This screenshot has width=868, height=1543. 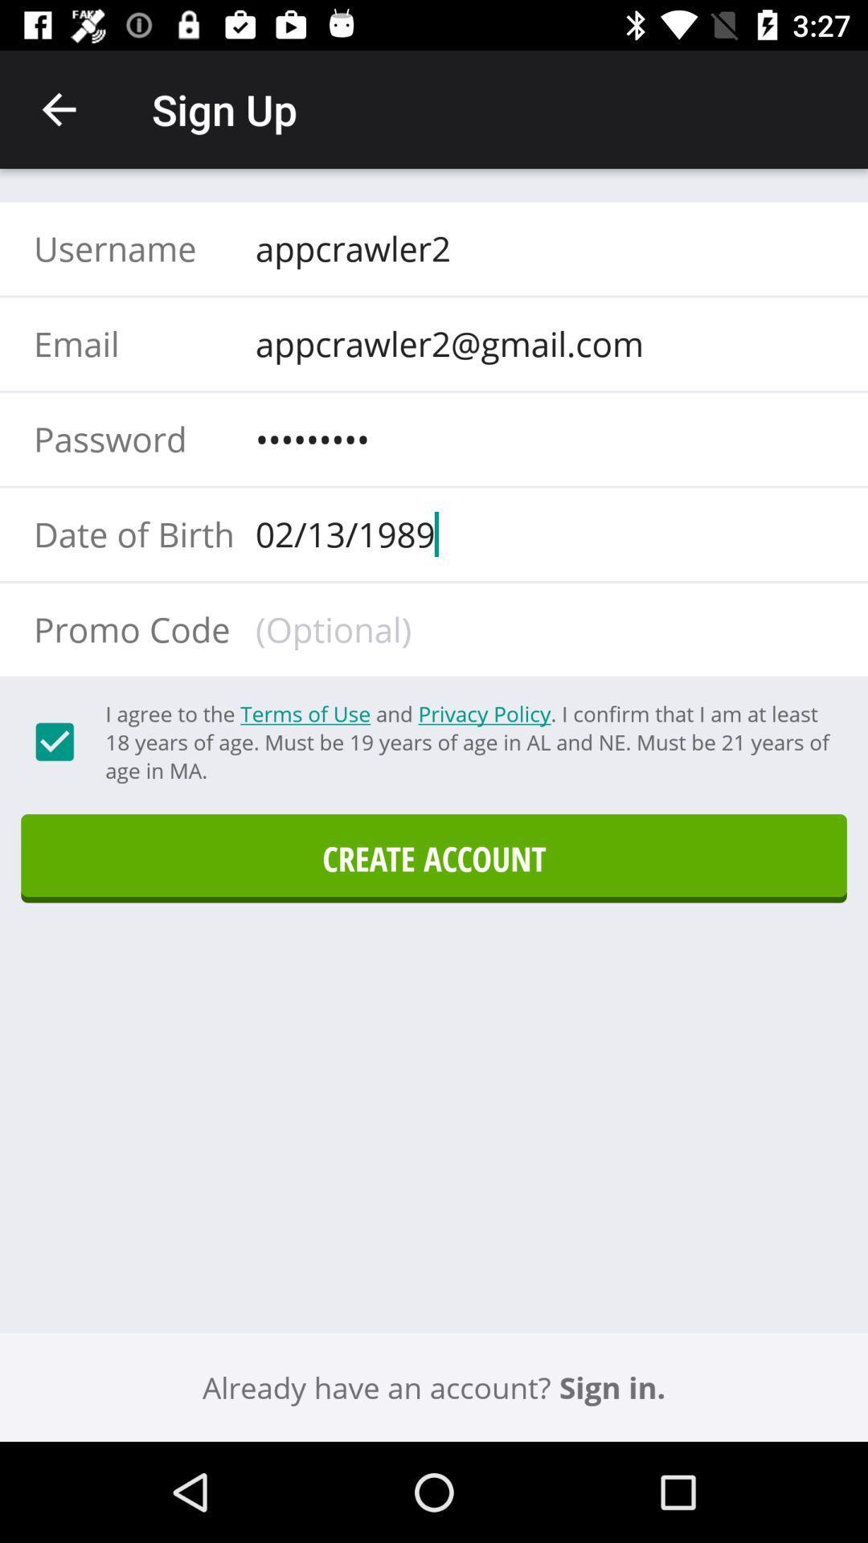 I want to click on item below the crowd3116 icon, so click(x=539, y=534).